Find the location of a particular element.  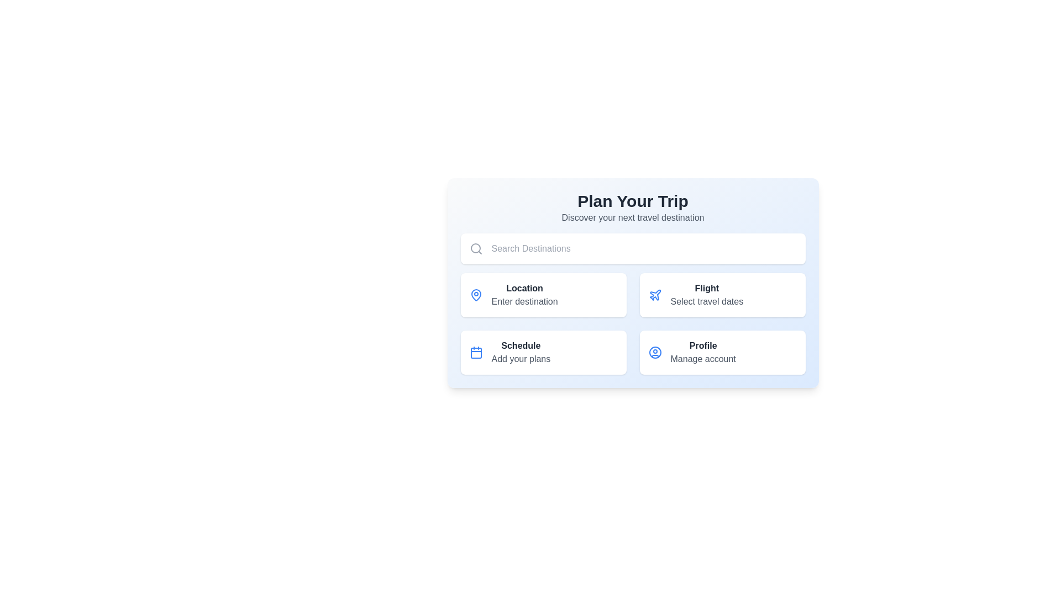

the static text label reading 'Enter destination', which is styled with gray text and located below the 'Location' text in the top-left card of the grid layout is located at coordinates (524, 302).